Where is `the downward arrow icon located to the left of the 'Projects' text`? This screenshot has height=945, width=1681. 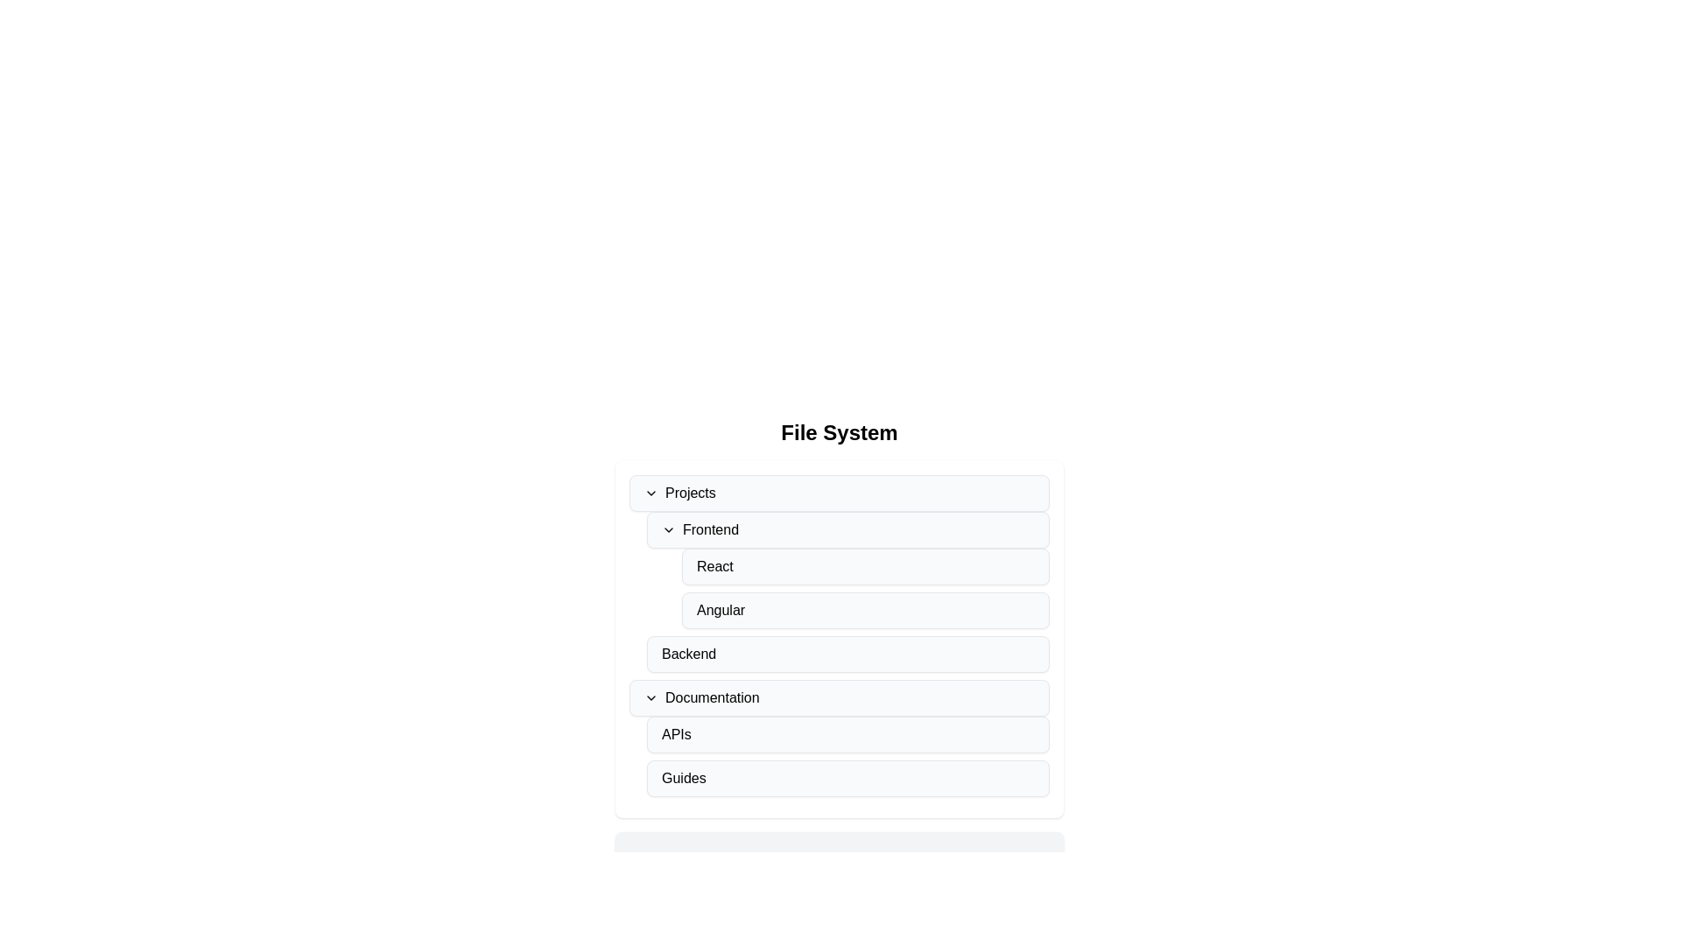 the downward arrow icon located to the left of the 'Projects' text is located at coordinates (651, 493).